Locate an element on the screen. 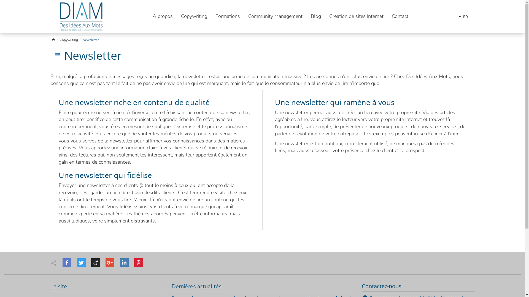 The width and height of the screenshot is (529, 297). 'Copywriting' is located at coordinates (68, 40).